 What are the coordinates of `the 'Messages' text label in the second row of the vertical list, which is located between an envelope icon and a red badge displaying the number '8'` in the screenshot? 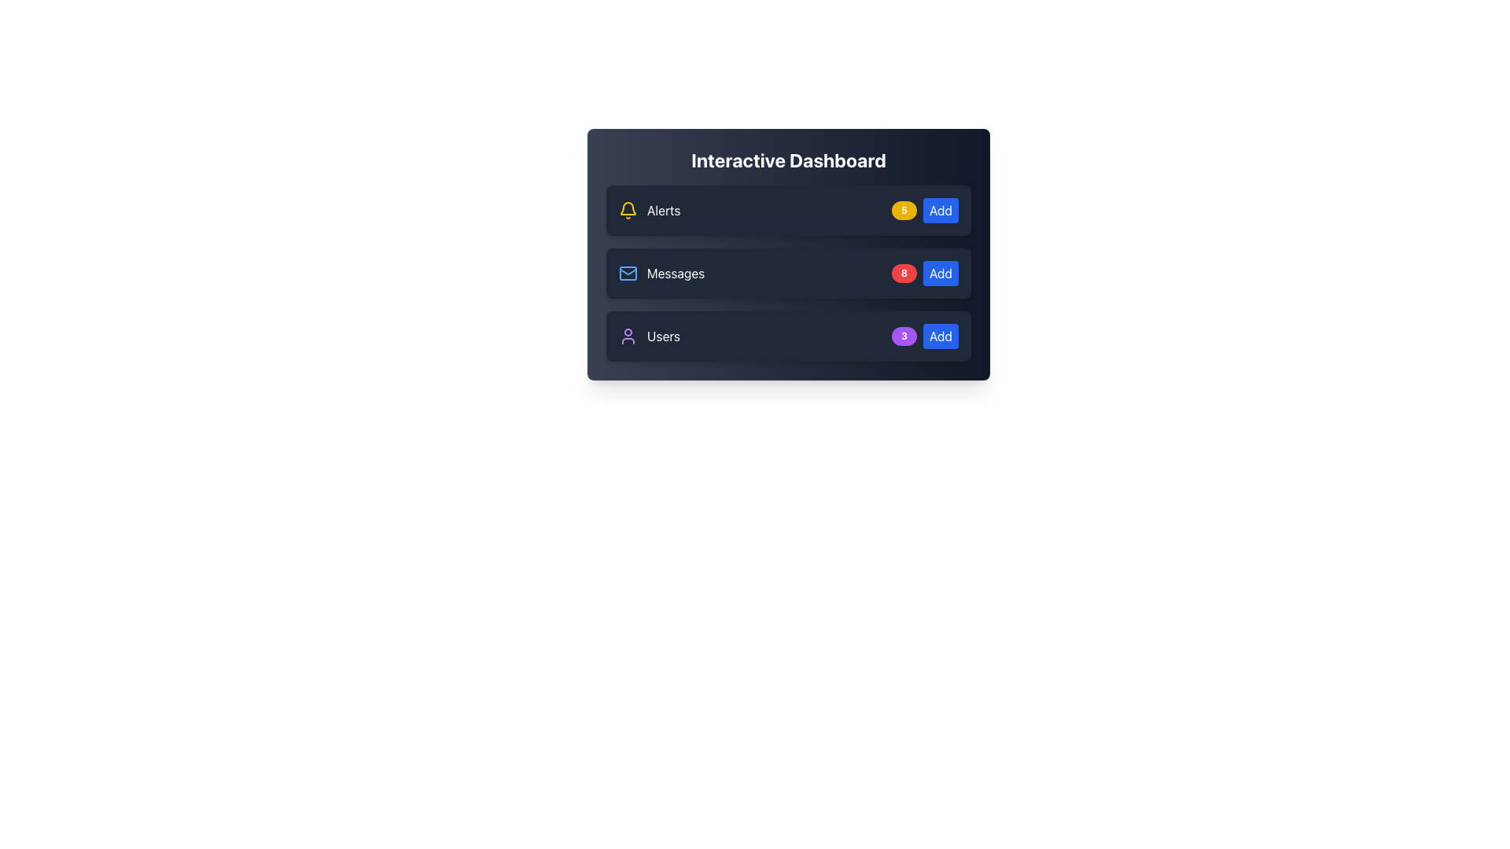 It's located at (676, 272).